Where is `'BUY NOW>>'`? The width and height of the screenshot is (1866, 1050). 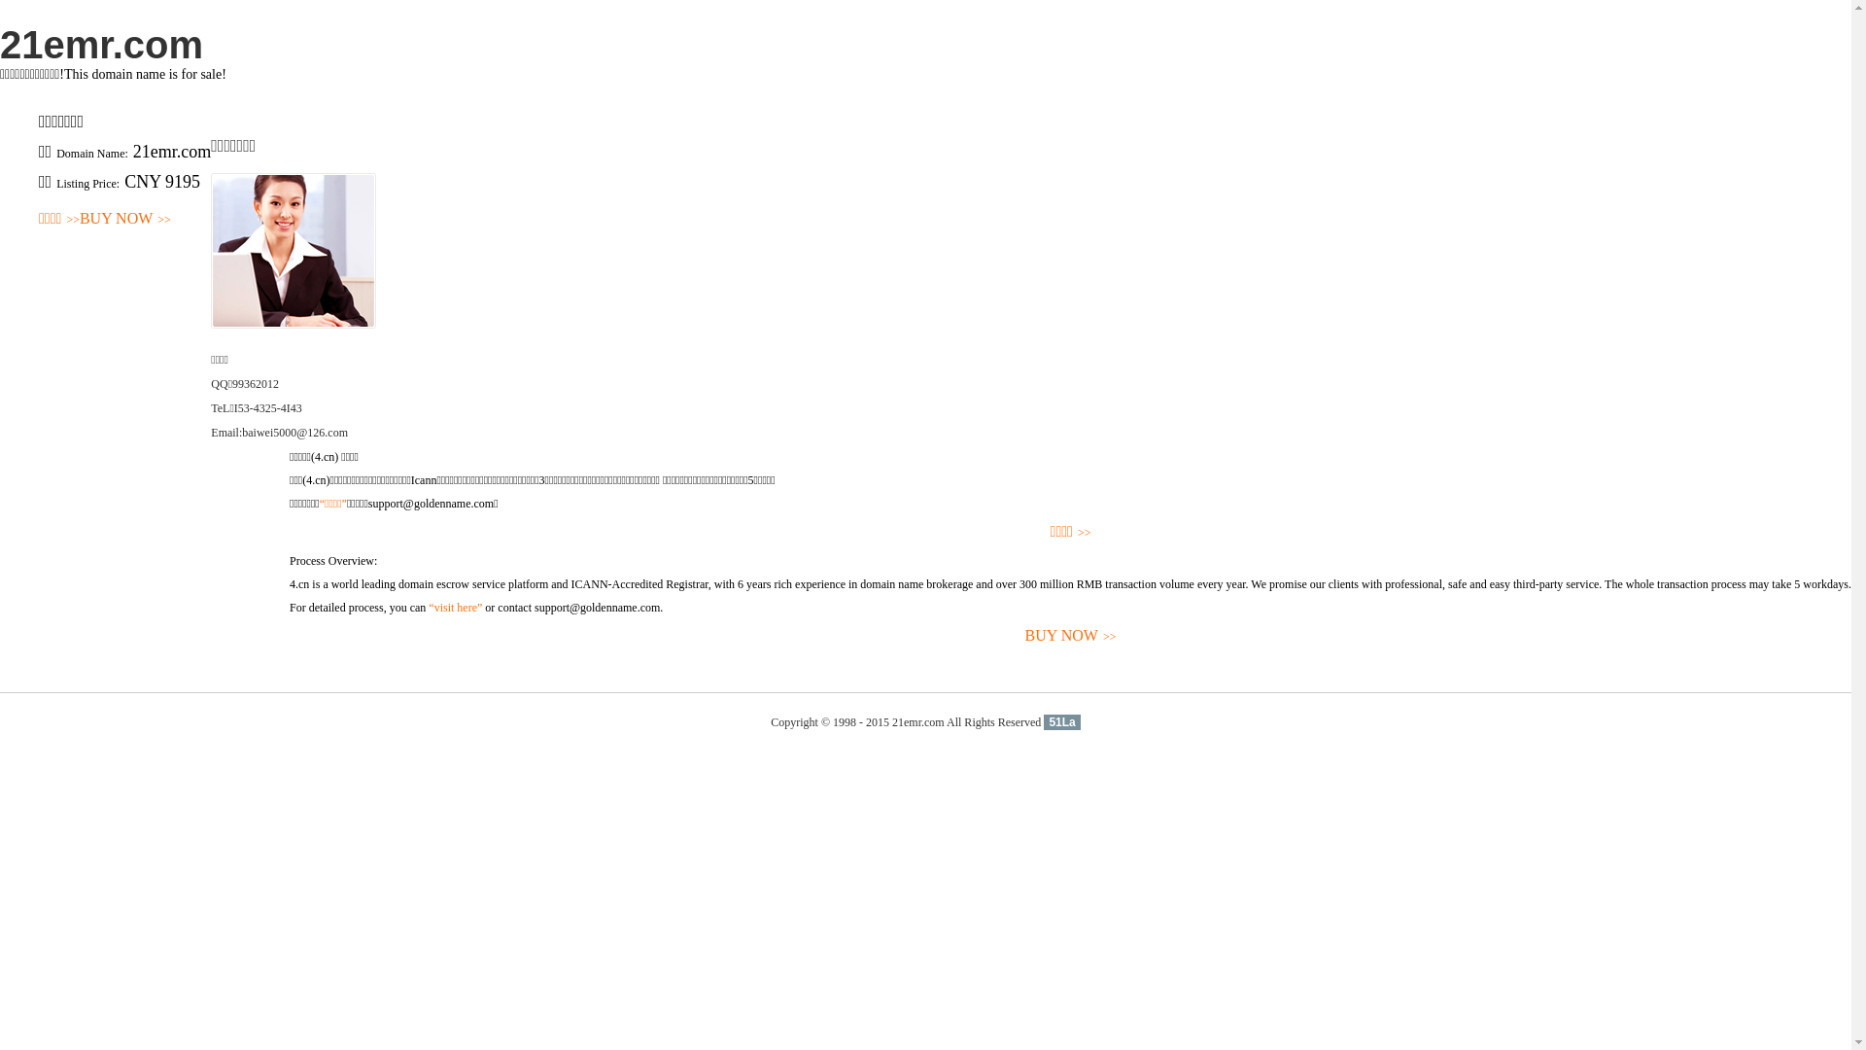 'BUY NOW>>' is located at coordinates (124, 219).